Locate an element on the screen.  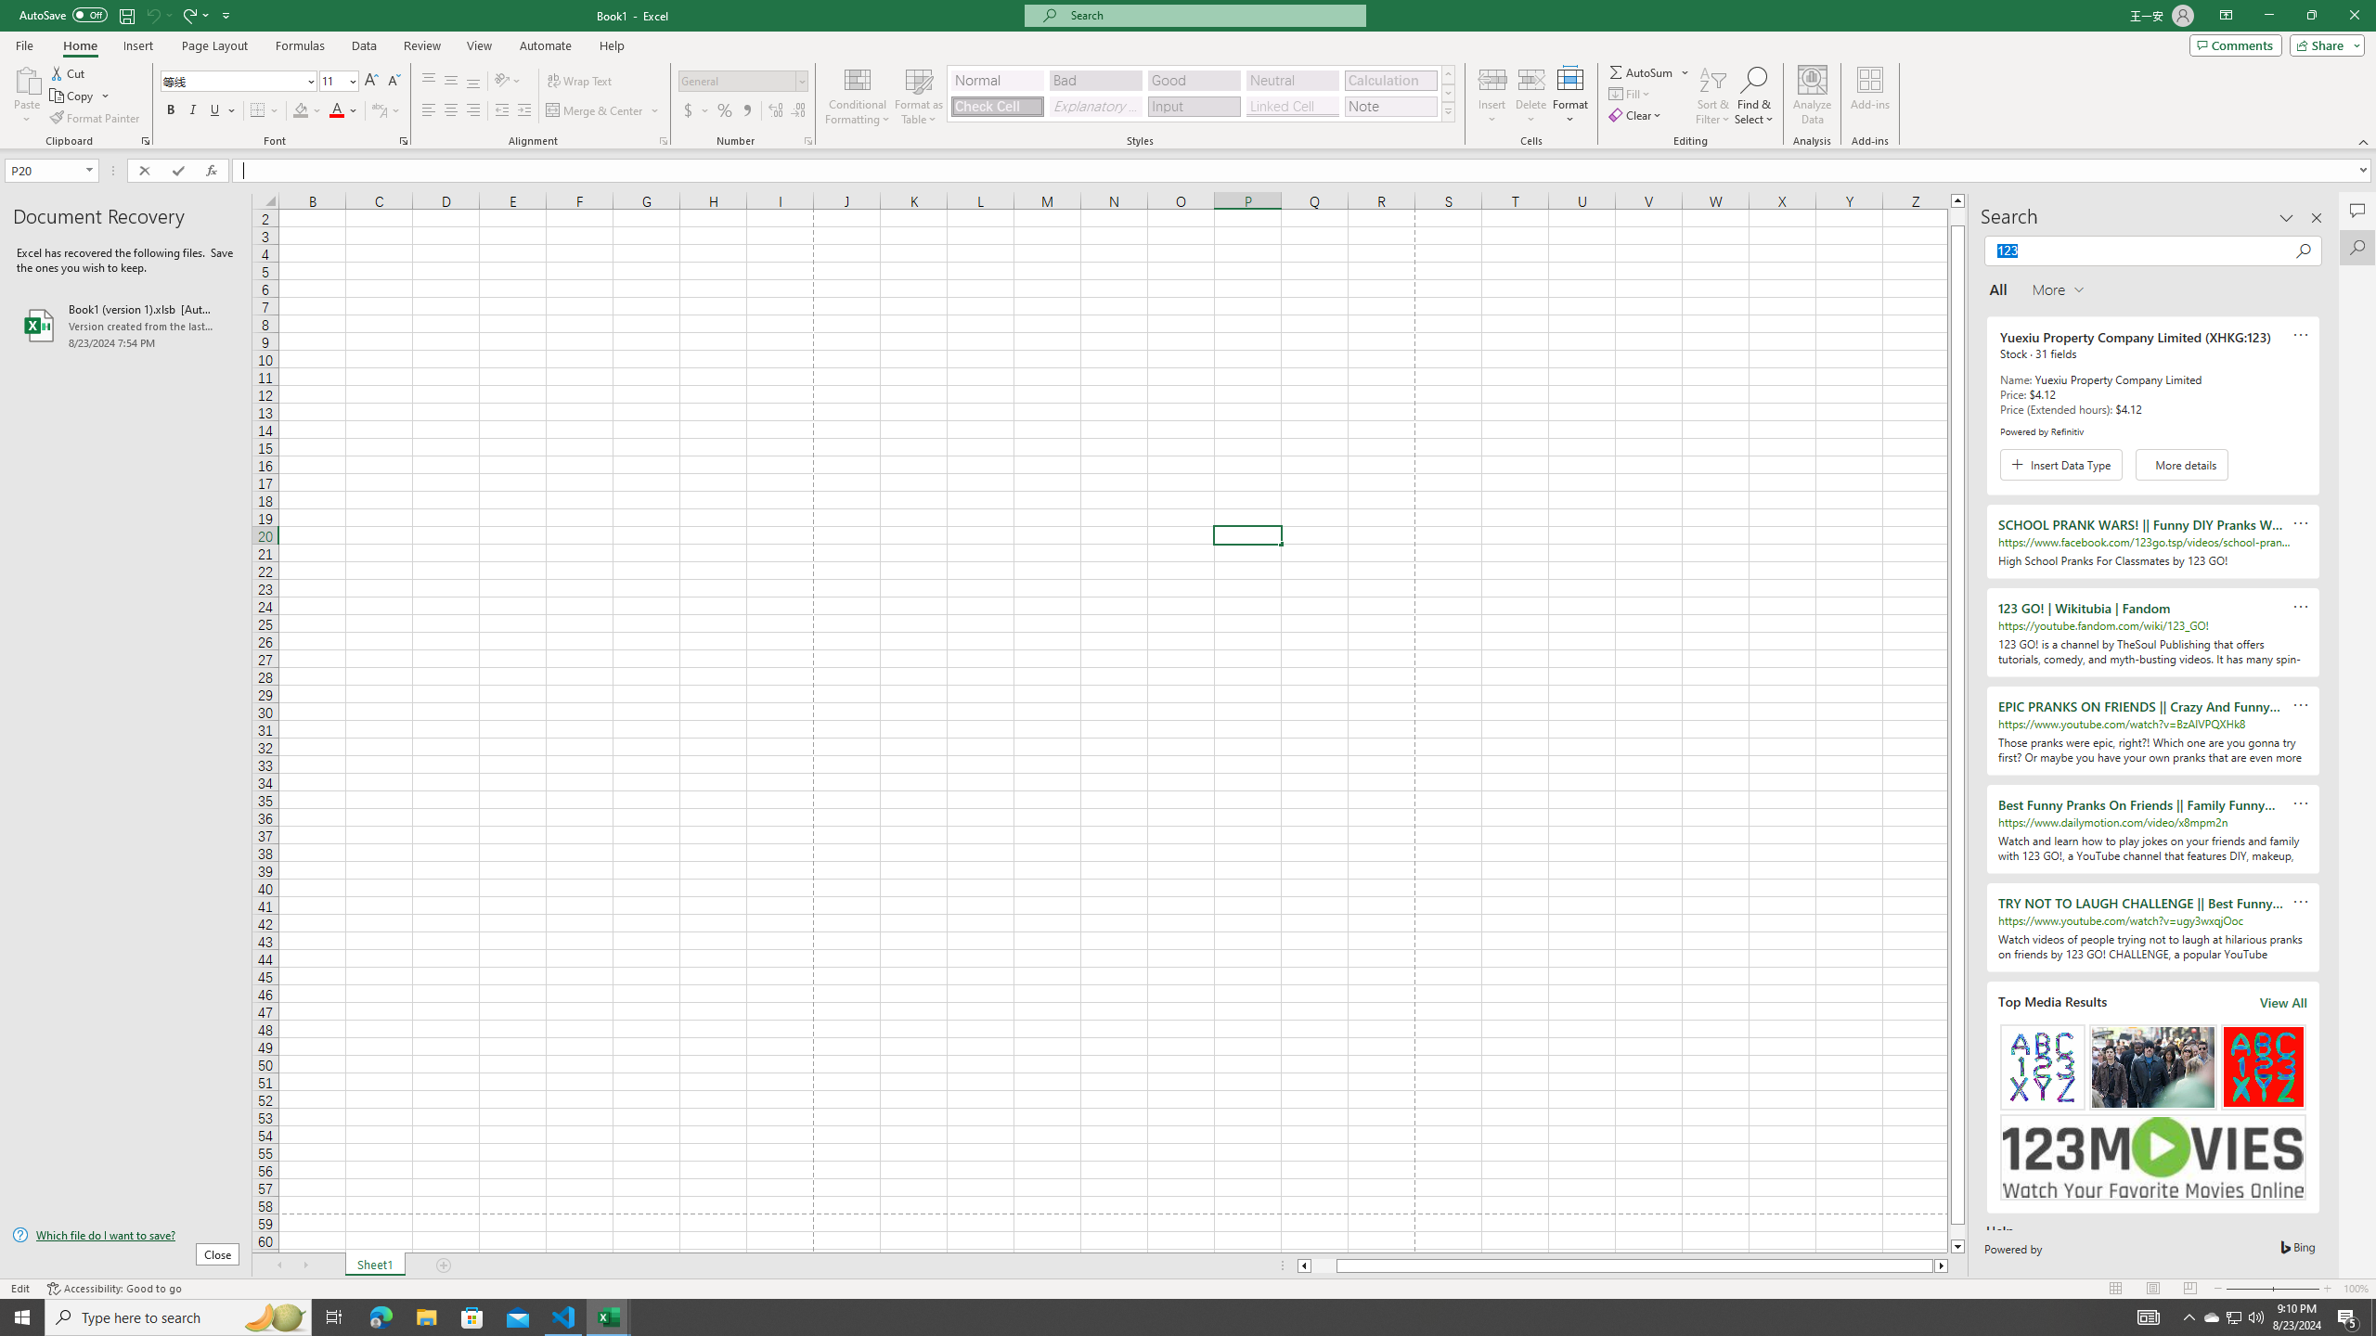
'Decrease Decimal' is located at coordinates (798, 109).